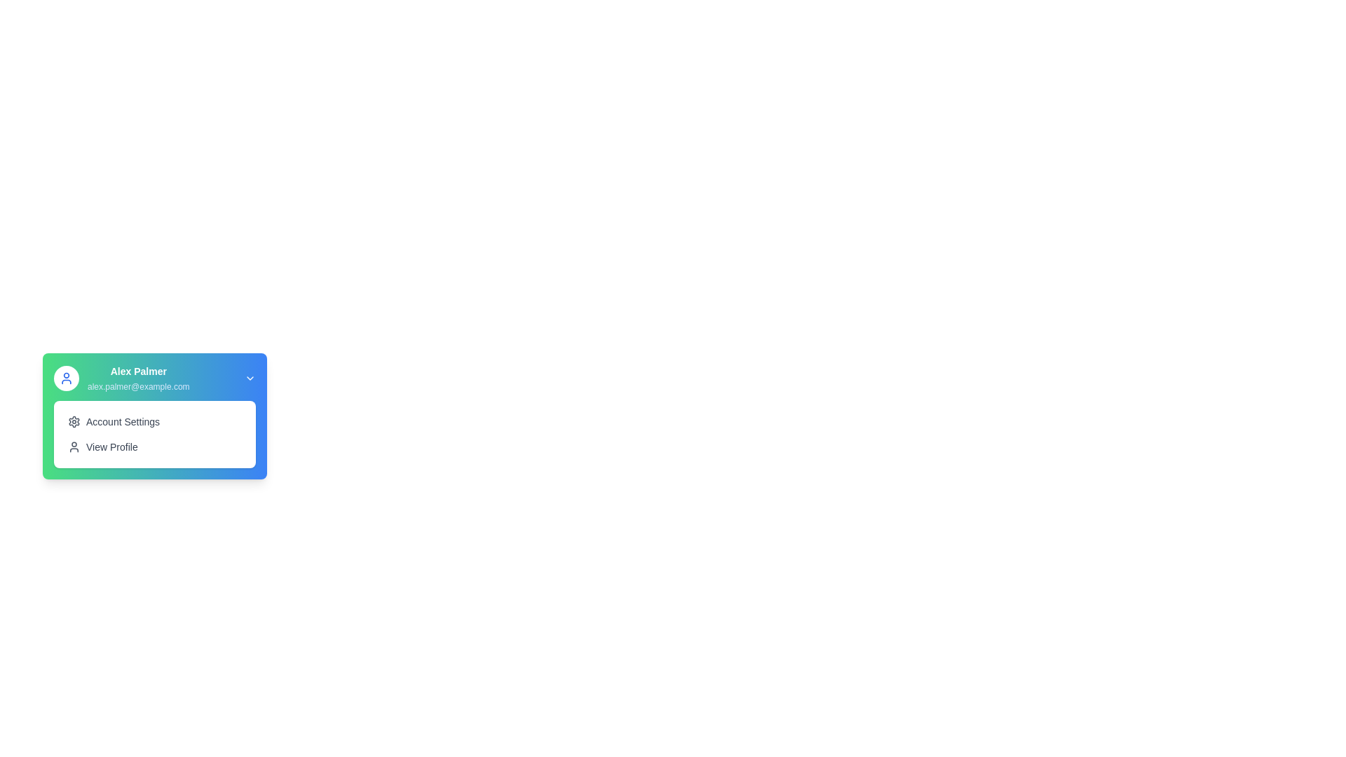 This screenshot has width=1346, height=757. I want to click on the 'Account Settings' icon located in the middle-left area of the dropdown menu to interact with the settings functionality, so click(73, 421).